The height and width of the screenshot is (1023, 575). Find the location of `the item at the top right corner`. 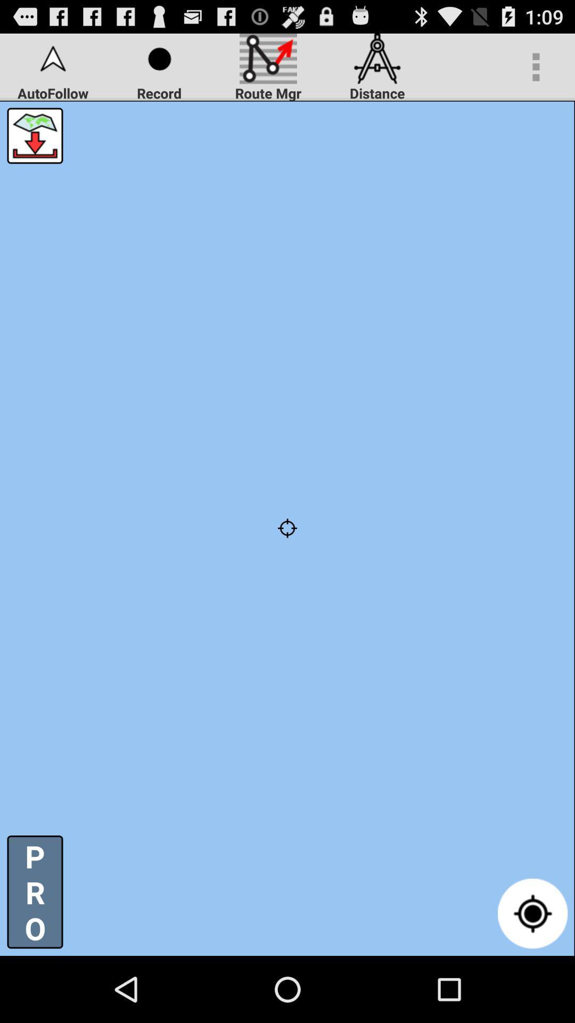

the item at the top right corner is located at coordinates (536, 66).